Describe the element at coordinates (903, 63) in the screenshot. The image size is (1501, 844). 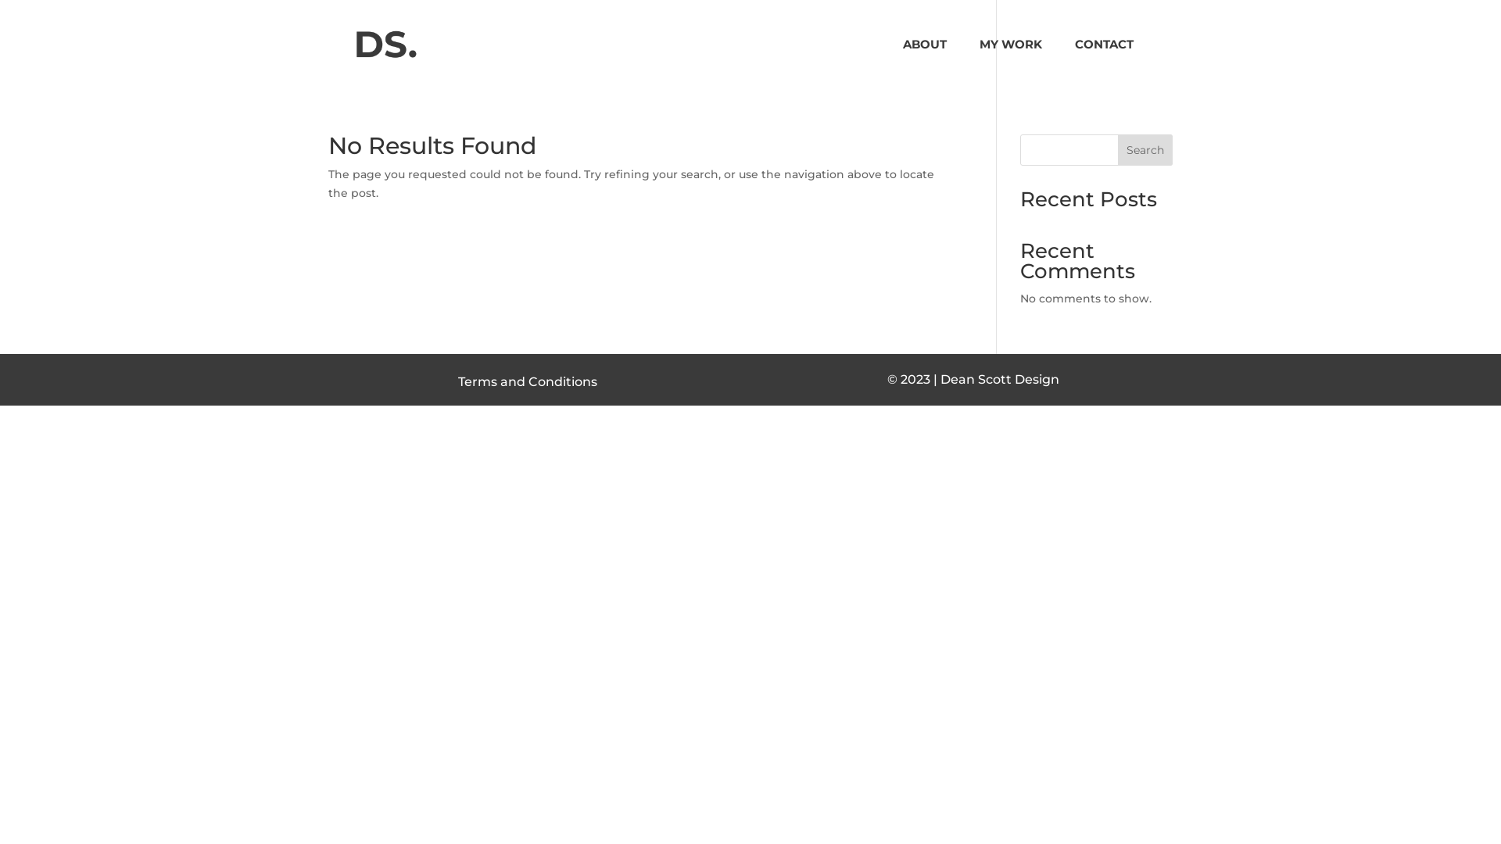
I see `'ABOUT'` at that location.